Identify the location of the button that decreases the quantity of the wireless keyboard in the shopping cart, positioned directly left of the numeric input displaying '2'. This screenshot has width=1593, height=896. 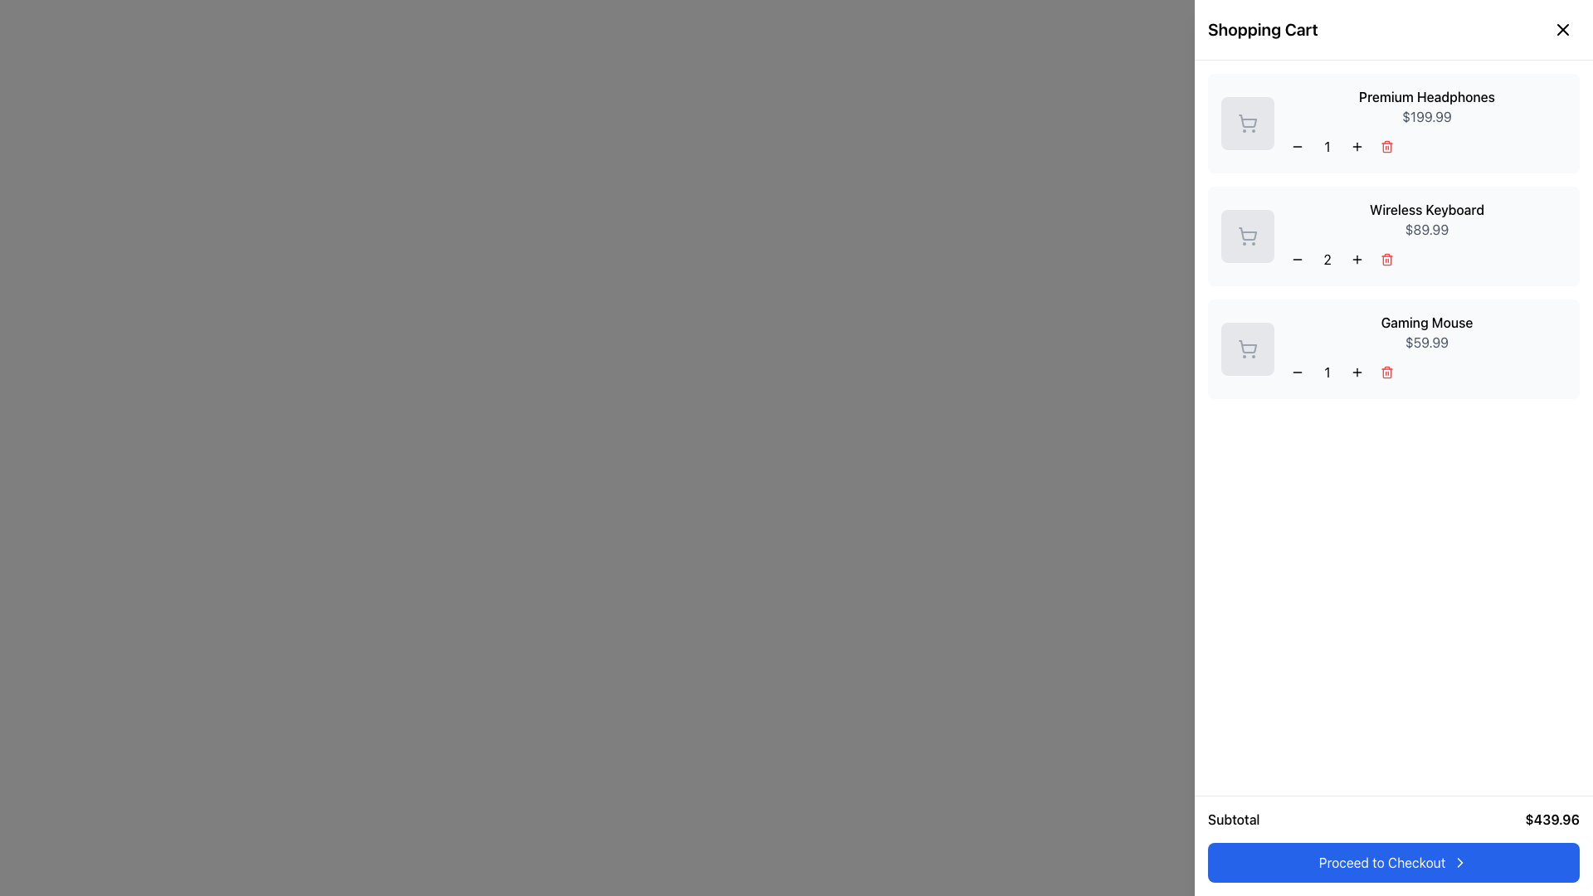
(1297, 259).